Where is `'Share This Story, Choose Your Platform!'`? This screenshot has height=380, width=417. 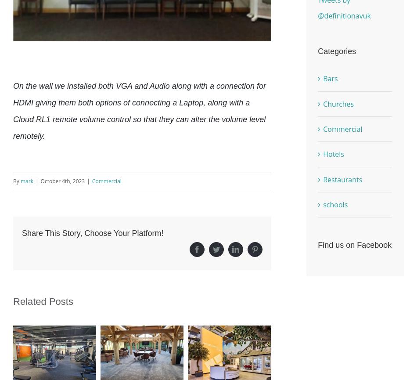
'Share This Story, Choose Your Platform!' is located at coordinates (92, 232).